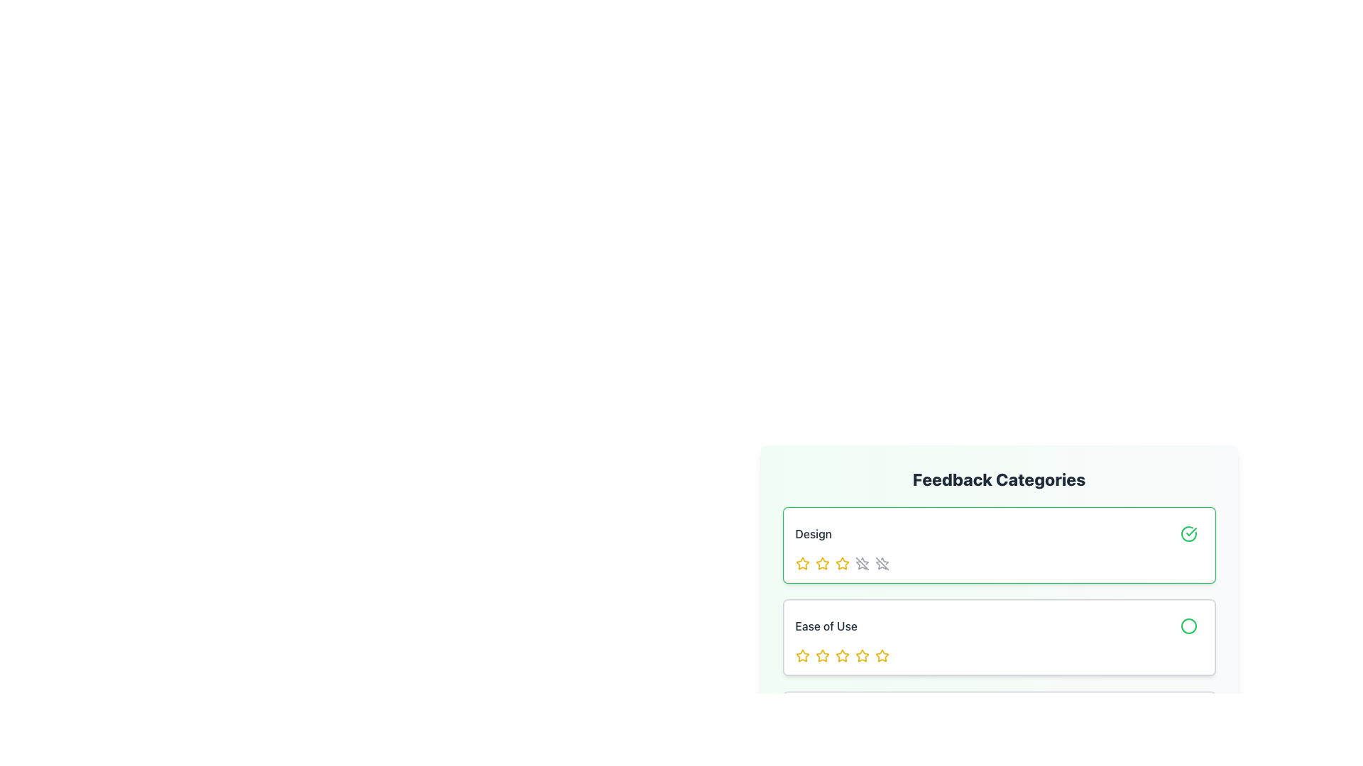 The height and width of the screenshot is (766, 1363). I want to click on the second star icon in the 'Ease of Use' section to rate it, so click(841, 655).